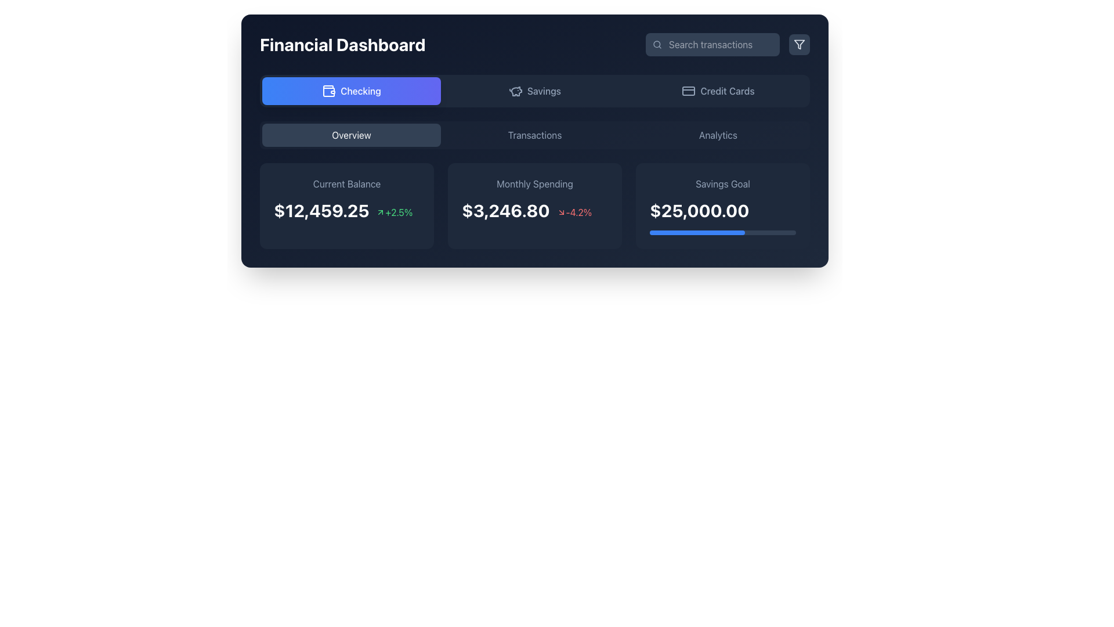 This screenshot has height=627, width=1114. Describe the element at coordinates (534, 134) in the screenshot. I see `the 'Transactions' tab in the Horizontal Tab Menu` at that location.